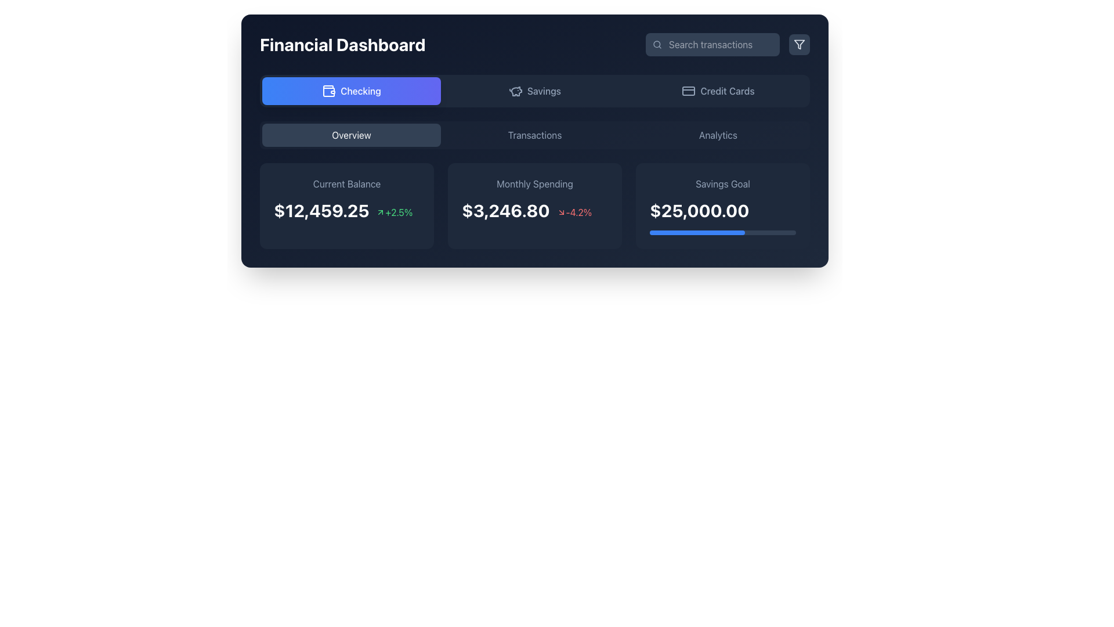 This screenshot has height=627, width=1114. Describe the element at coordinates (534, 134) in the screenshot. I see `the 'Transactions' tab in the Horizontal Tab Menu` at that location.